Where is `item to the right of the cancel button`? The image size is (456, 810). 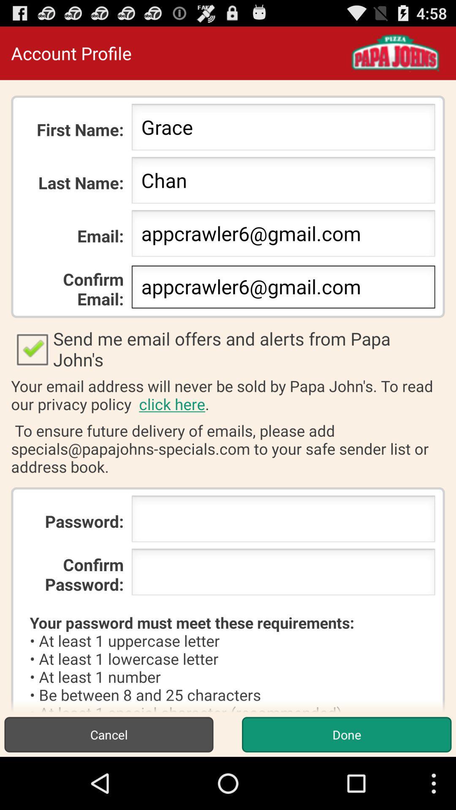
item to the right of the cancel button is located at coordinates (347, 734).